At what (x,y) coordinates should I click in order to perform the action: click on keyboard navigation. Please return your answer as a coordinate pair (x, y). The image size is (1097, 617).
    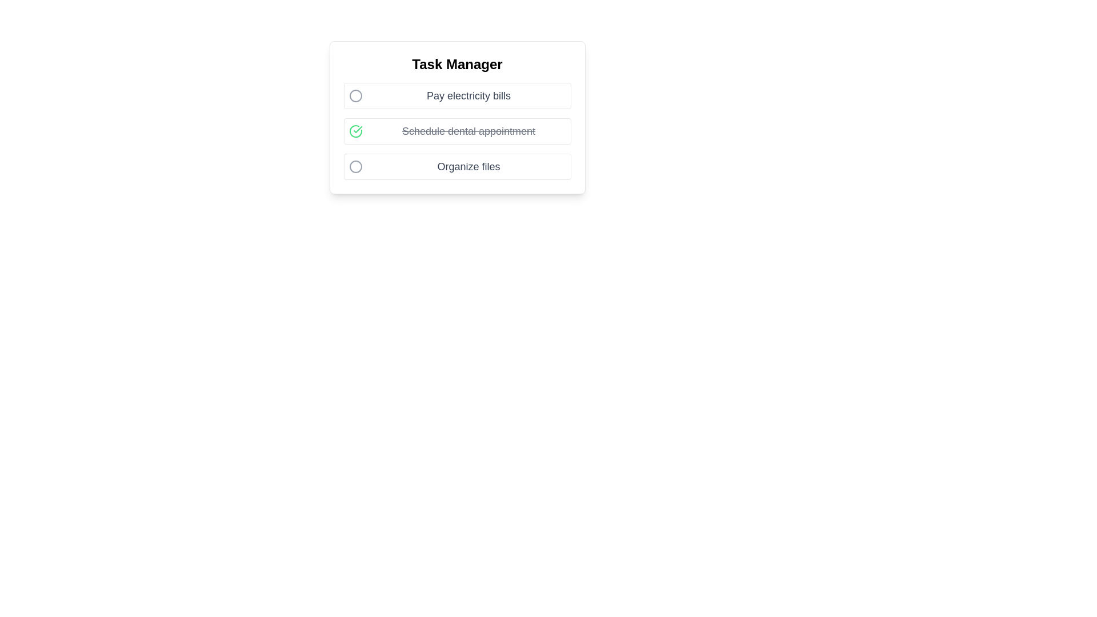
    Looking at the image, I should click on (355, 167).